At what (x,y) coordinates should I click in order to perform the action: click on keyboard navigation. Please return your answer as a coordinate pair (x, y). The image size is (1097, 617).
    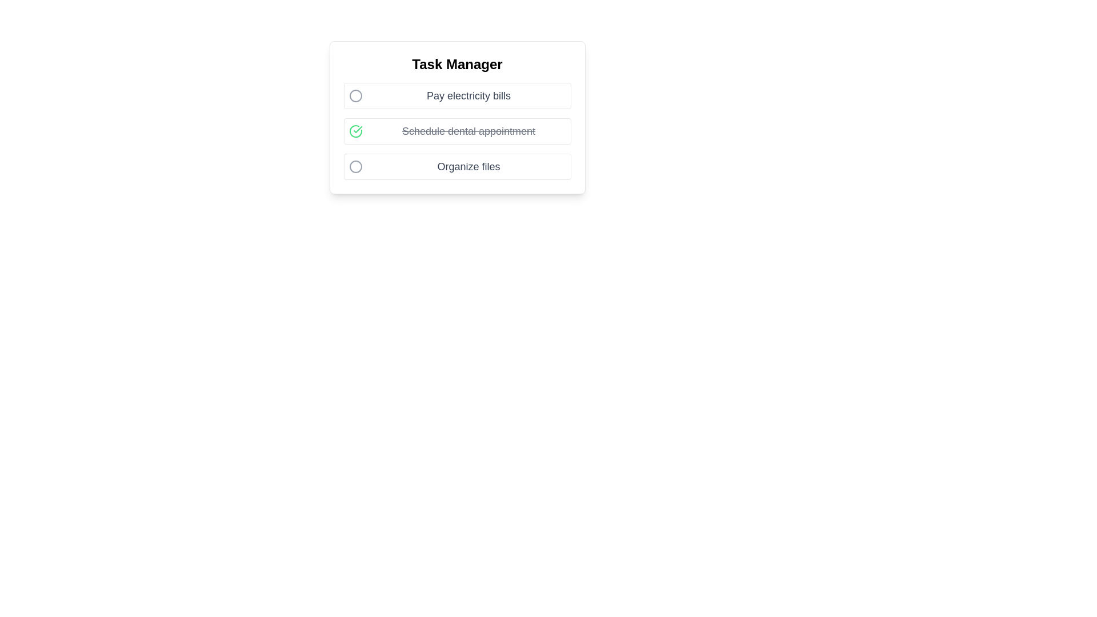
    Looking at the image, I should click on (355, 167).